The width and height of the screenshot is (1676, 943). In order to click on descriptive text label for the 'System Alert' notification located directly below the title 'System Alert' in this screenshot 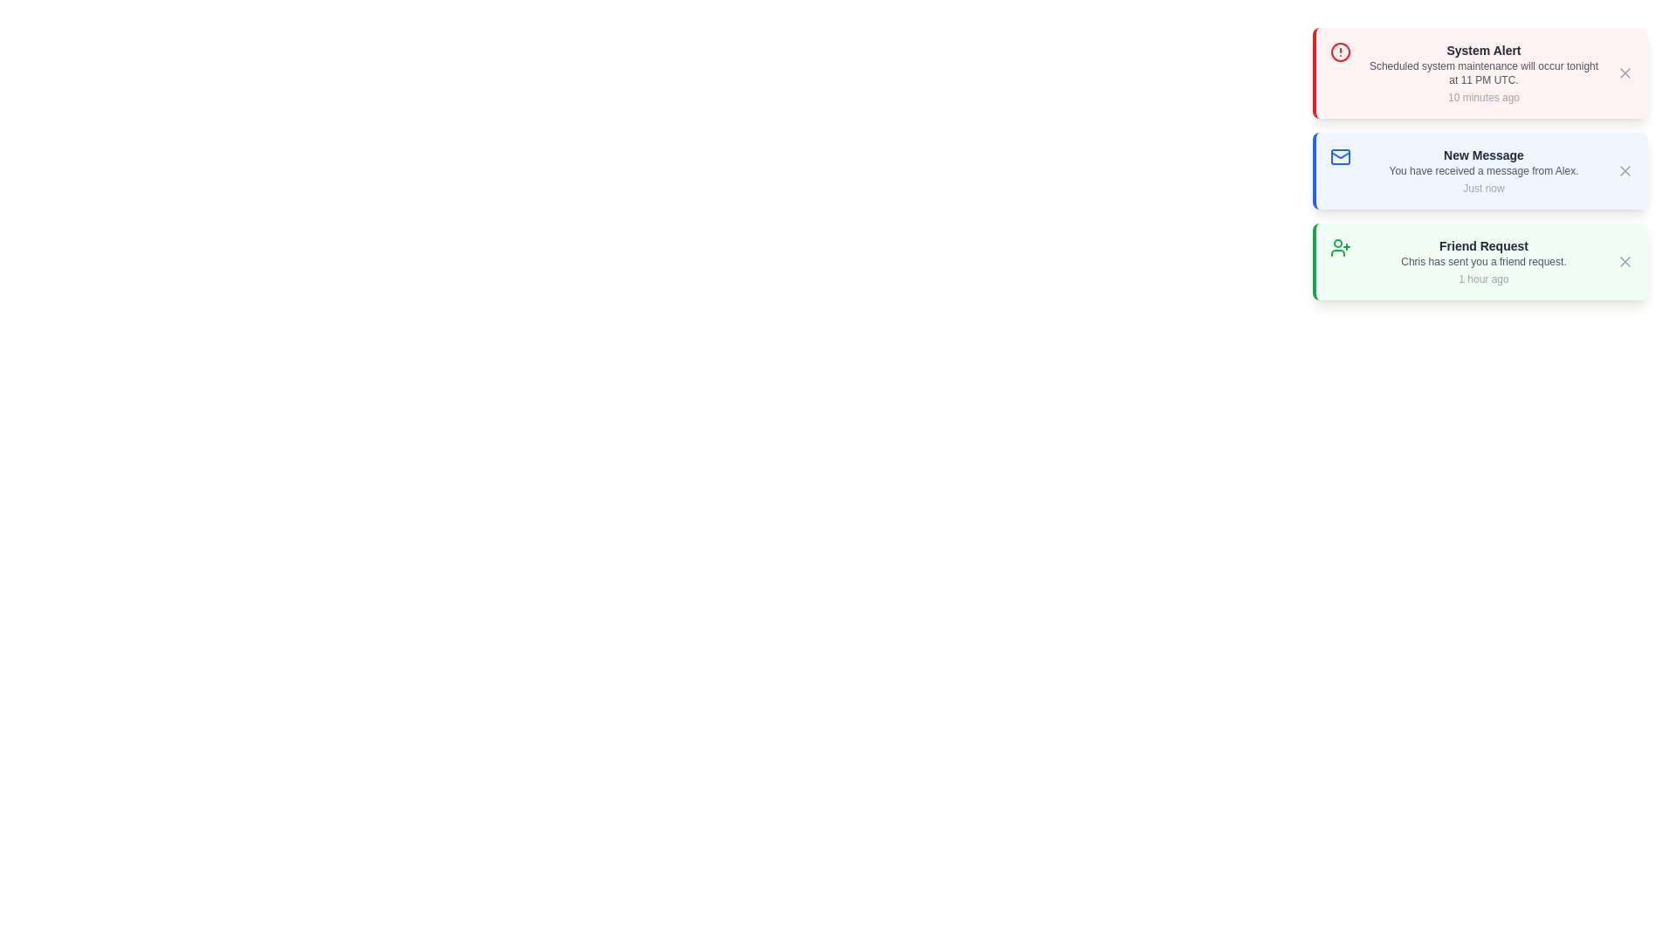, I will do `click(1482, 72)`.